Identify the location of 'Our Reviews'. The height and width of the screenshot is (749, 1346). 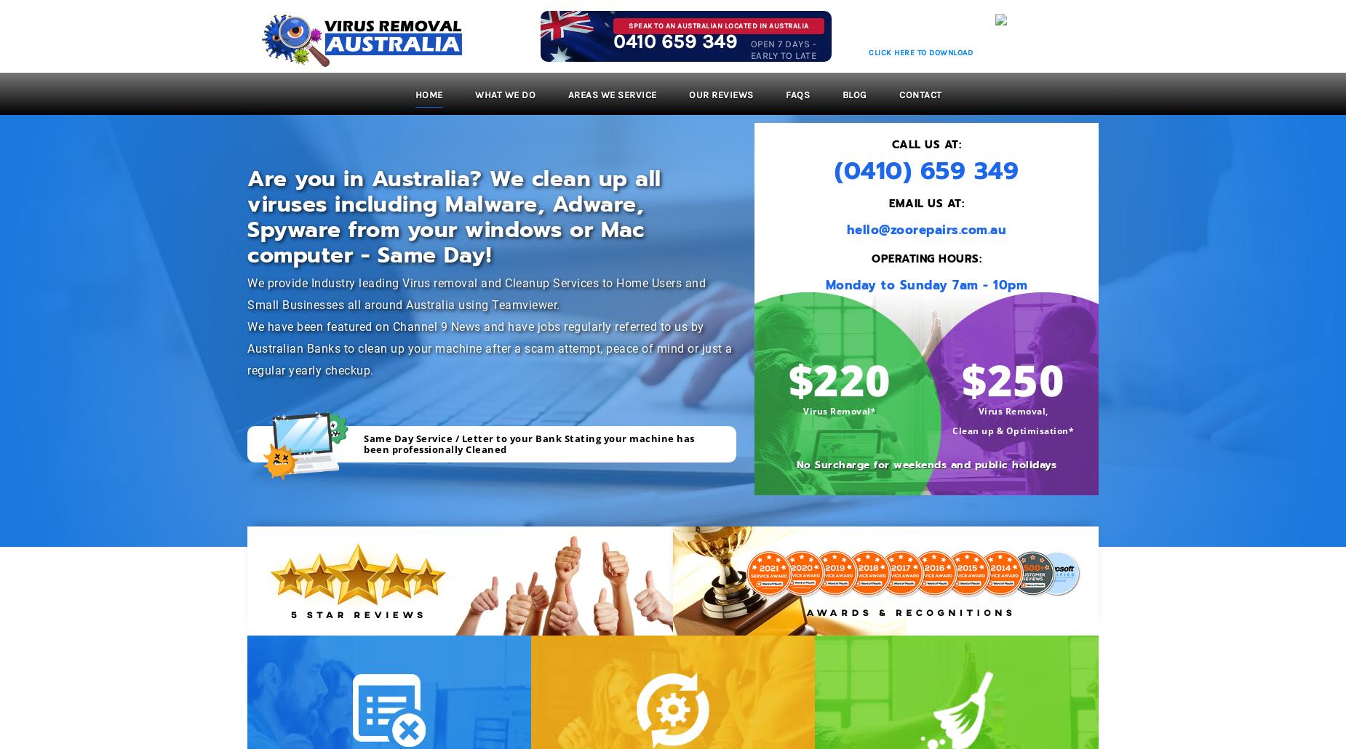
(720, 94).